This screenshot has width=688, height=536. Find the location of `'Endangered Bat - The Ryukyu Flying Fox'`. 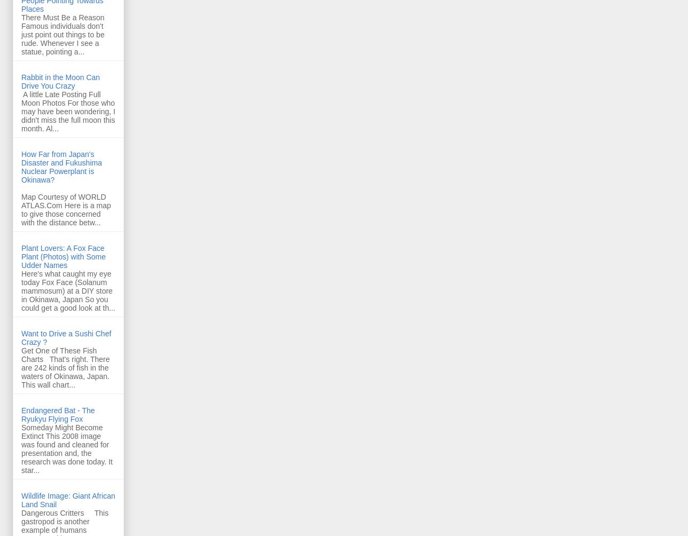

'Endangered Bat - The Ryukyu Flying Fox' is located at coordinates (58, 414).